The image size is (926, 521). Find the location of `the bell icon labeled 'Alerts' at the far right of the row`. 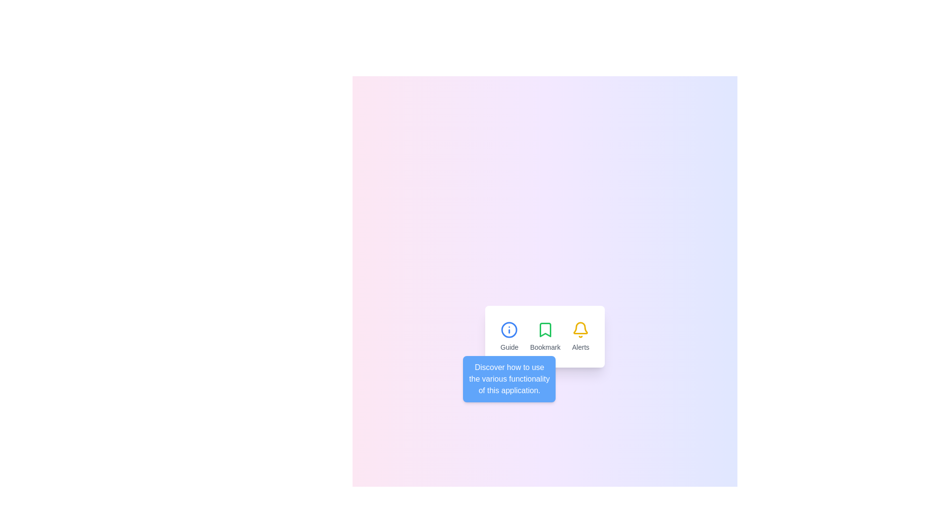

the bell icon labeled 'Alerts' at the far right of the row is located at coordinates (580, 336).